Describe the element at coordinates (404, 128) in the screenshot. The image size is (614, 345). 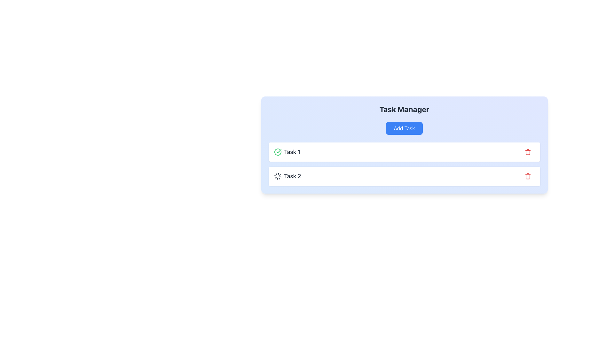
I see `the 'Add Task' button located below the 'Task Manager' heading` at that location.